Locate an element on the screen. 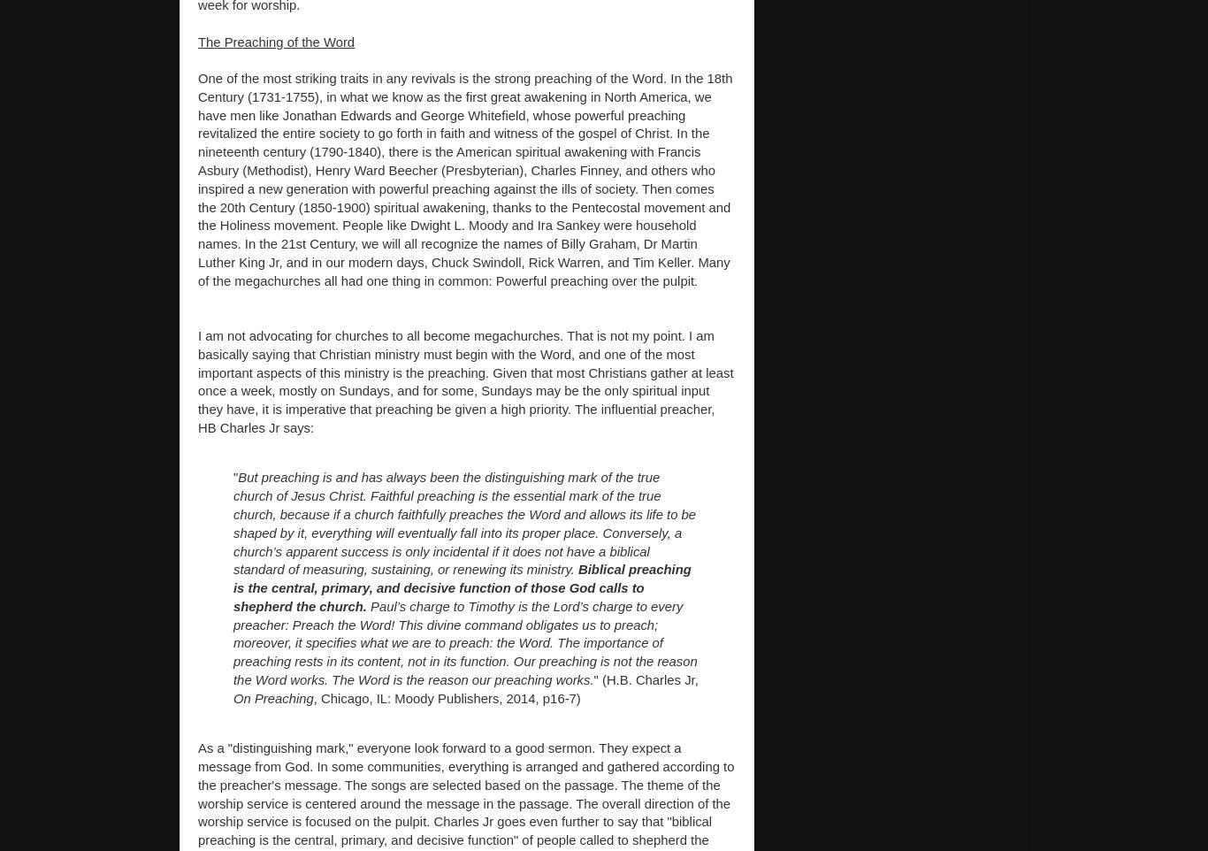  '"' is located at coordinates (235, 477).